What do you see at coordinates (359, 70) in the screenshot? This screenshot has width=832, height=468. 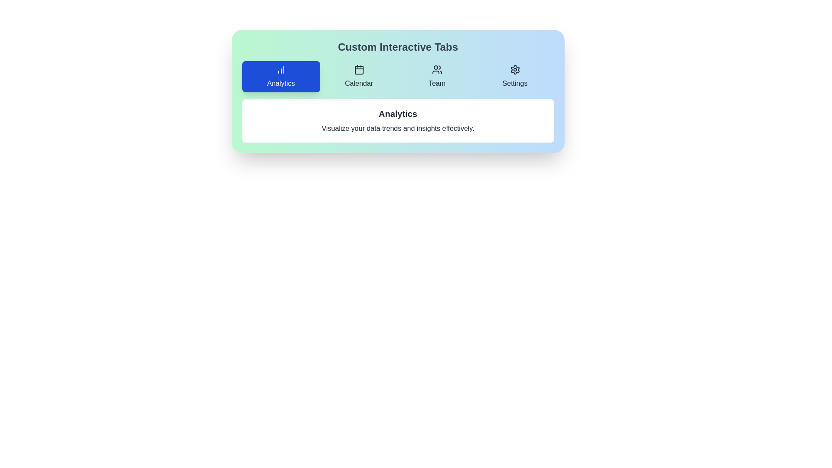 I see `the calendar icon located in the second tab of the navigation bar, which visually represents the 'Calendar' tab` at bounding box center [359, 70].